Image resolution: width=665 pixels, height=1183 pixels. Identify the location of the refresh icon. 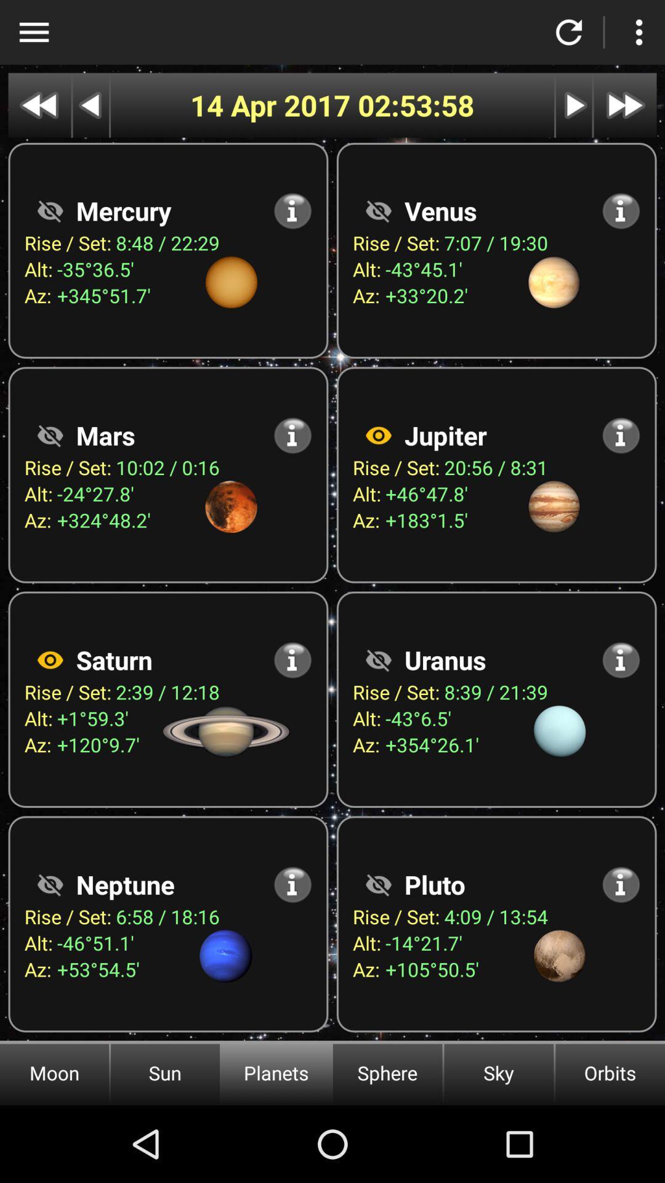
(569, 32).